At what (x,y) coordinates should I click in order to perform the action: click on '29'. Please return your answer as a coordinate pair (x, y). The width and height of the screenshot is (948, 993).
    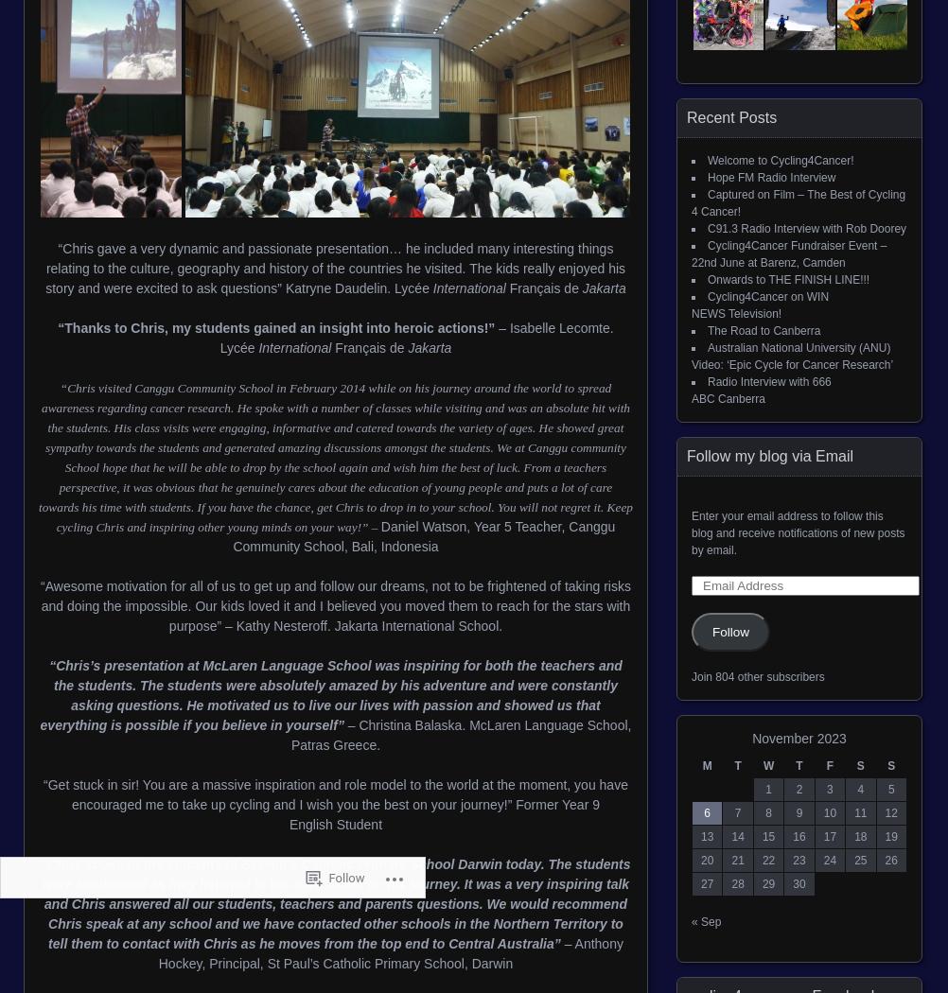
    Looking at the image, I should click on (767, 884).